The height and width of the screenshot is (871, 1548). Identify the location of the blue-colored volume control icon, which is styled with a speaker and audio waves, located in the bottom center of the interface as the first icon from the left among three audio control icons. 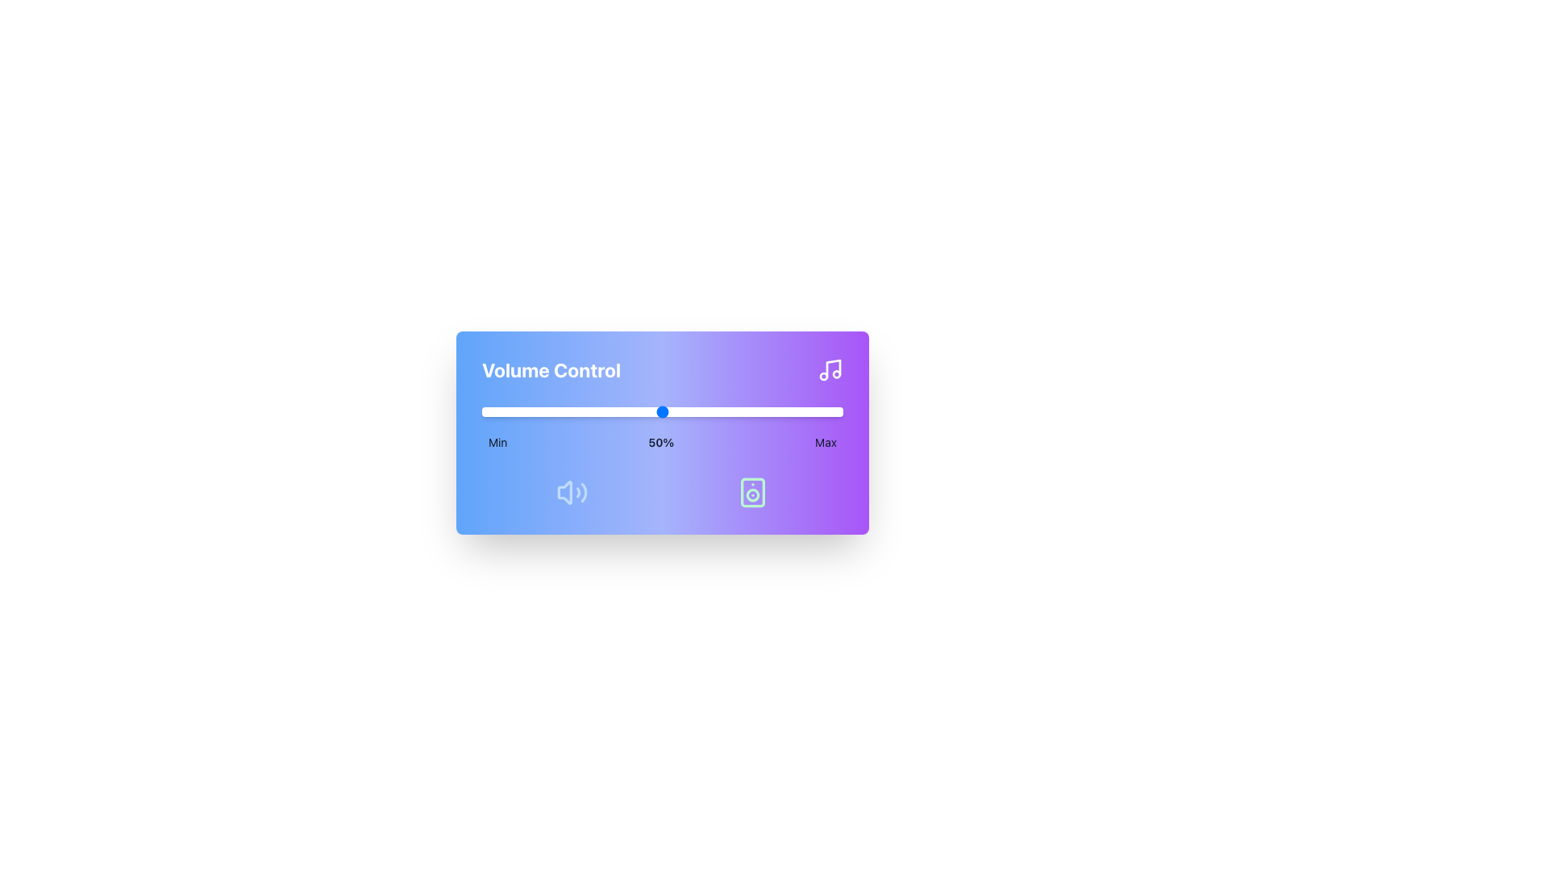
(572, 491).